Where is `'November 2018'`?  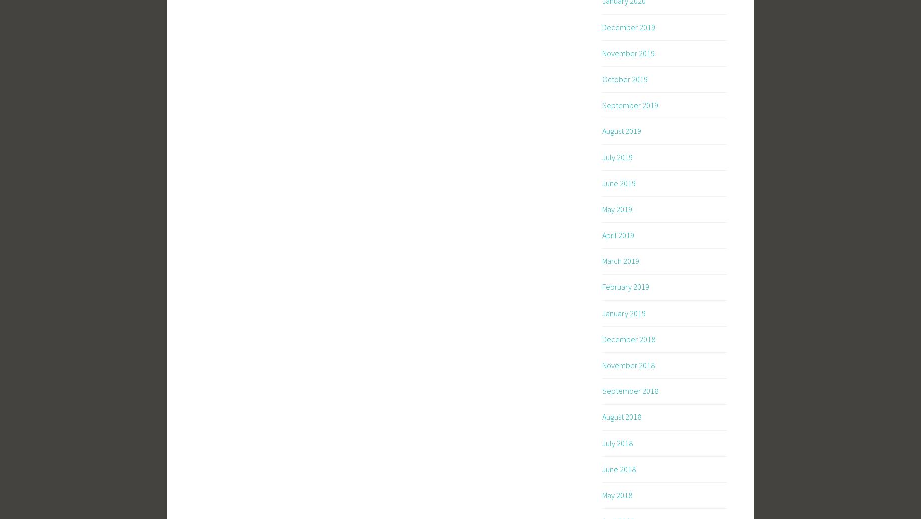 'November 2018' is located at coordinates (628, 365).